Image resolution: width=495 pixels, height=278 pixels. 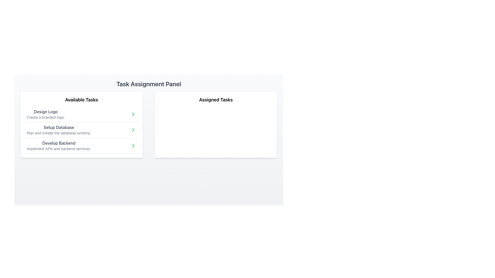 I want to click on the first task list item in the 'Available Tasks' section, so click(x=81, y=114).